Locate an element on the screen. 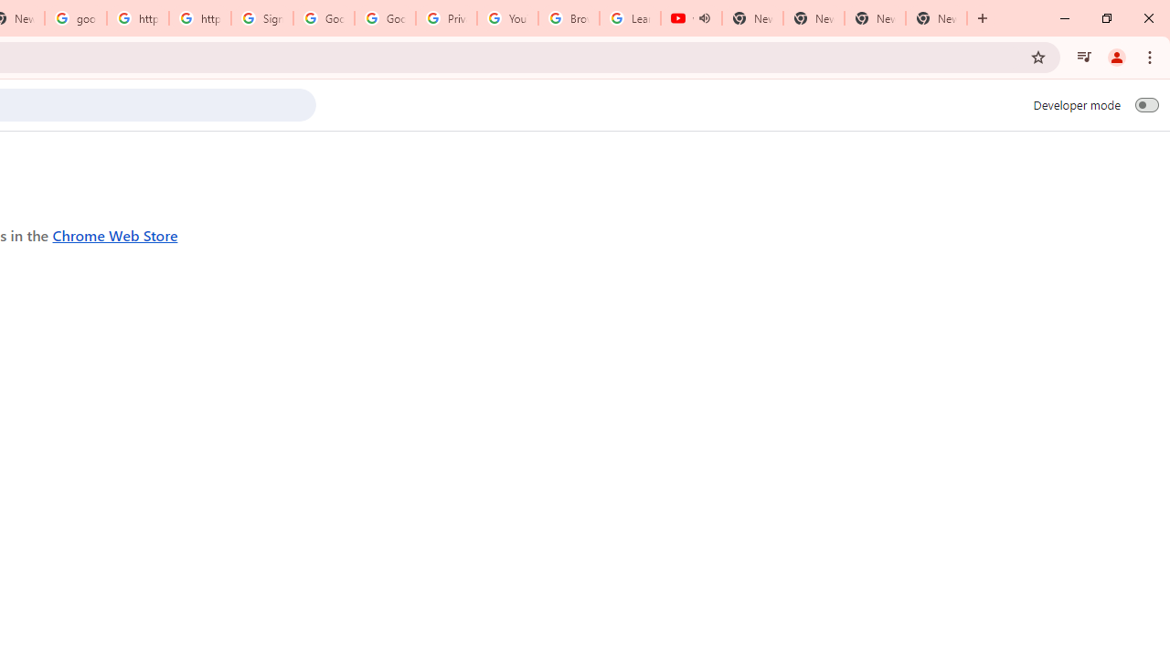 This screenshot has height=658, width=1170. 'YouTube' is located at coordinates (507, 18).